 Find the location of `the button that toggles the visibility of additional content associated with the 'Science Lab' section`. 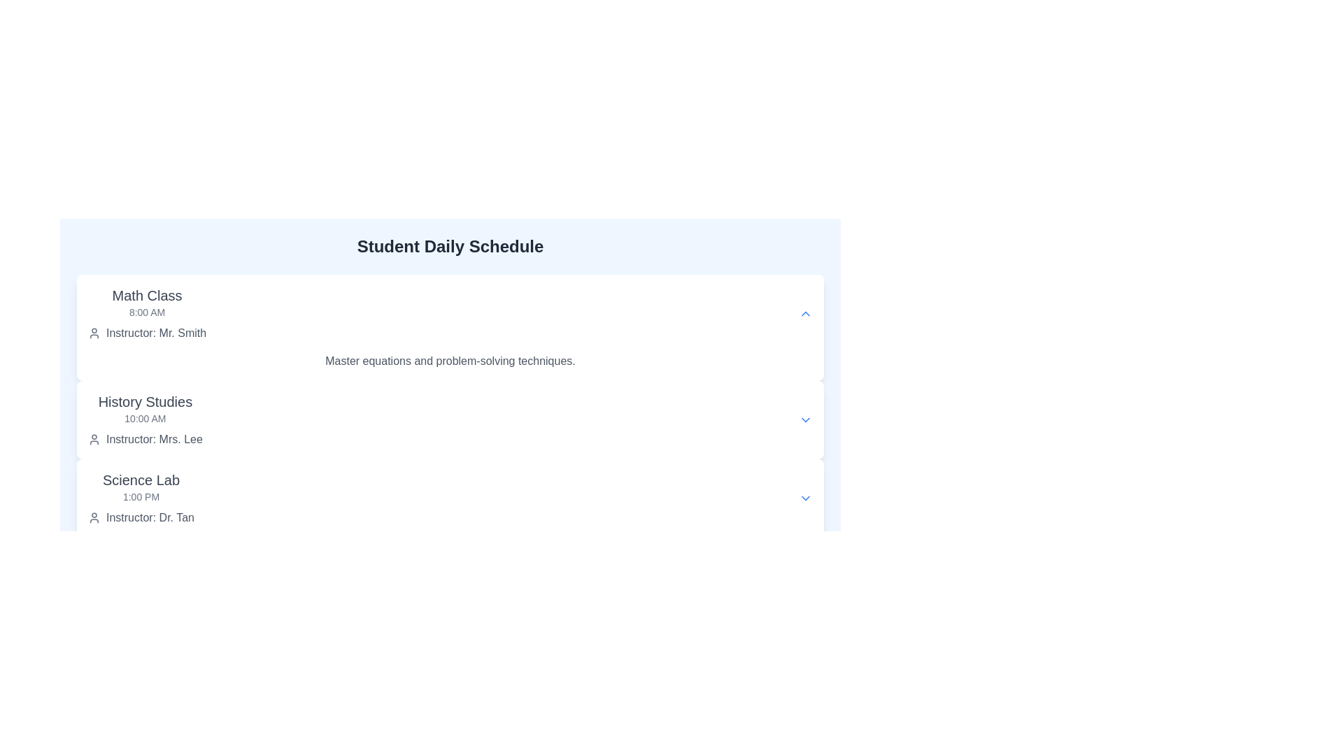

the button that toggles the visibility of additional content associated with the 'Science Lab' section is located at coordinates (806, 498).